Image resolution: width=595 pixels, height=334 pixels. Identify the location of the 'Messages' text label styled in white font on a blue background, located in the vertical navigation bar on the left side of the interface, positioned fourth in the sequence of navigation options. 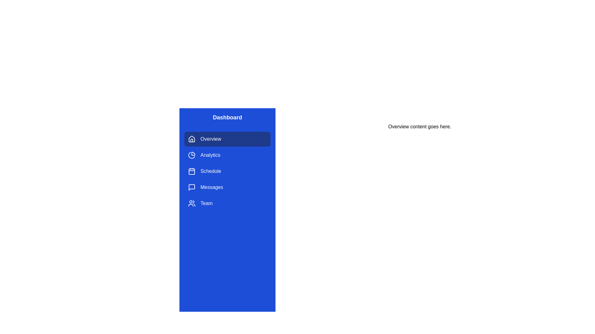
(212, 187).